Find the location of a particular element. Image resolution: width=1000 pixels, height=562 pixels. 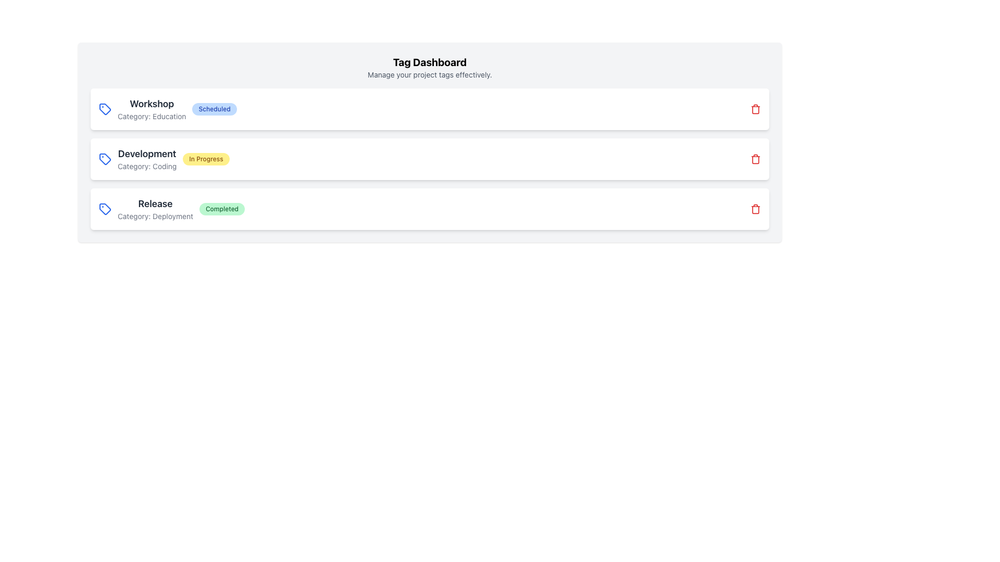

the second text label that displays category information for the development item, positioned below the 'Development' label is located at coordinates (146, 166).